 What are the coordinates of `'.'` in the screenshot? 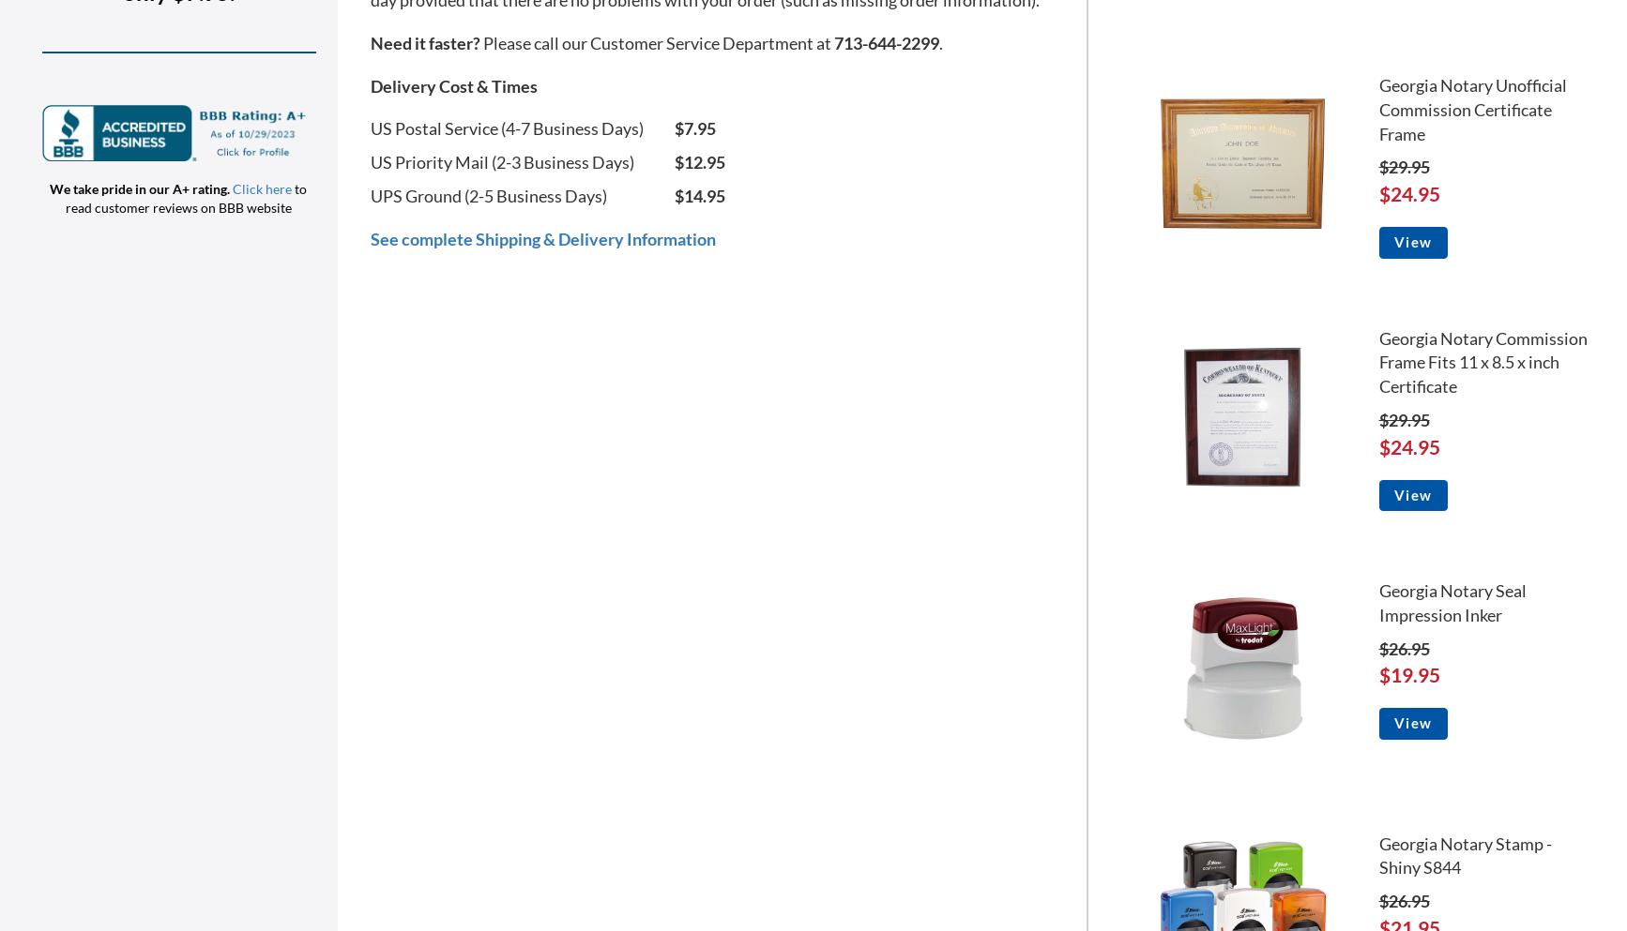 It's located at (940, 42).